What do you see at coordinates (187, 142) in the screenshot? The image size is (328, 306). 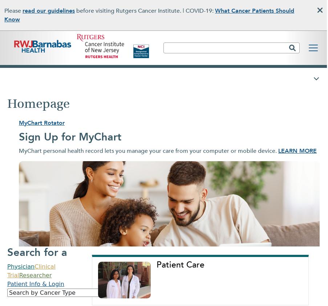 I see `'Request an Appointment'` at bounding box center [187, 142].